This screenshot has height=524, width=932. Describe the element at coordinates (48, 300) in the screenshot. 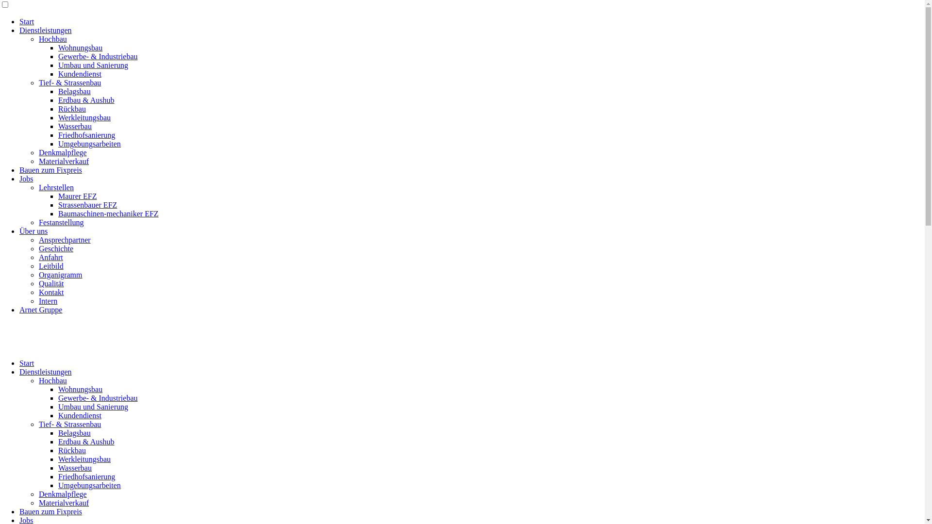

I see `'Intern'` at that location.